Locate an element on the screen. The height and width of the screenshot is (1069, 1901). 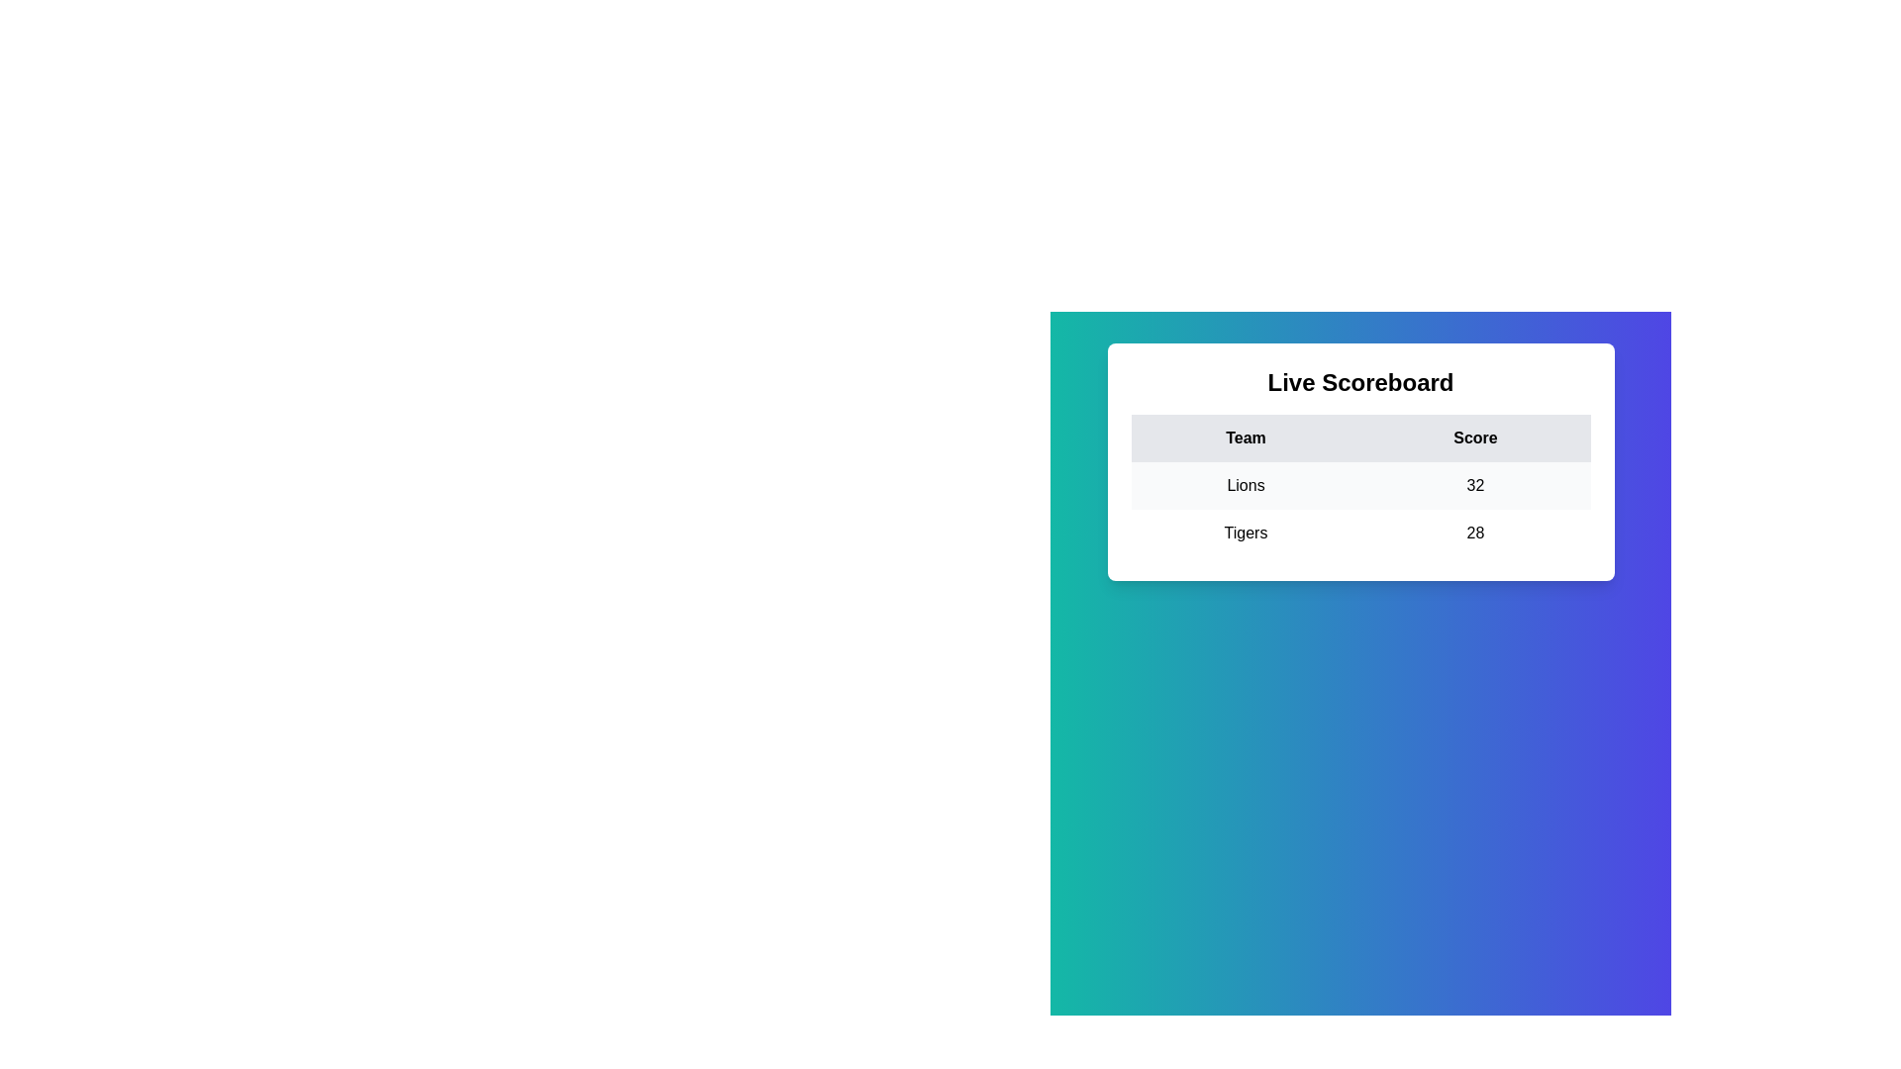
displayed score of '32' in bold font style located in the 'Score' column of the 'Live Scoreboard' table for the 'Lions' team is located at coordinates (1475, 485).